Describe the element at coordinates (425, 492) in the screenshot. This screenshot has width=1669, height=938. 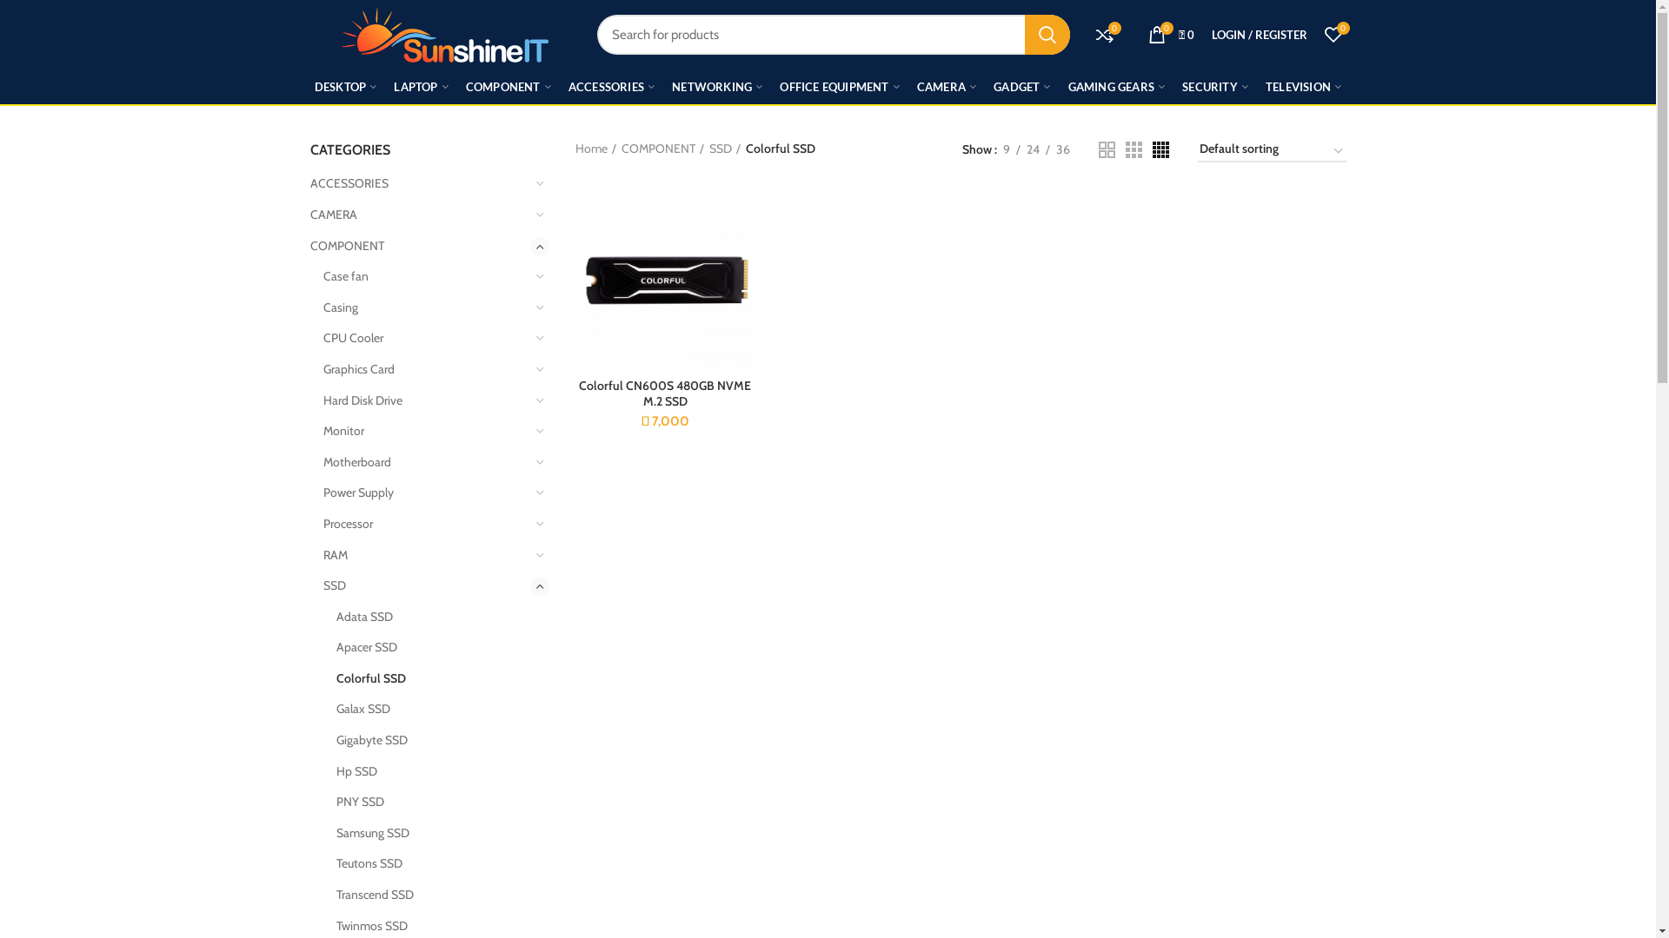
I see `'Power Supply'` at that location.